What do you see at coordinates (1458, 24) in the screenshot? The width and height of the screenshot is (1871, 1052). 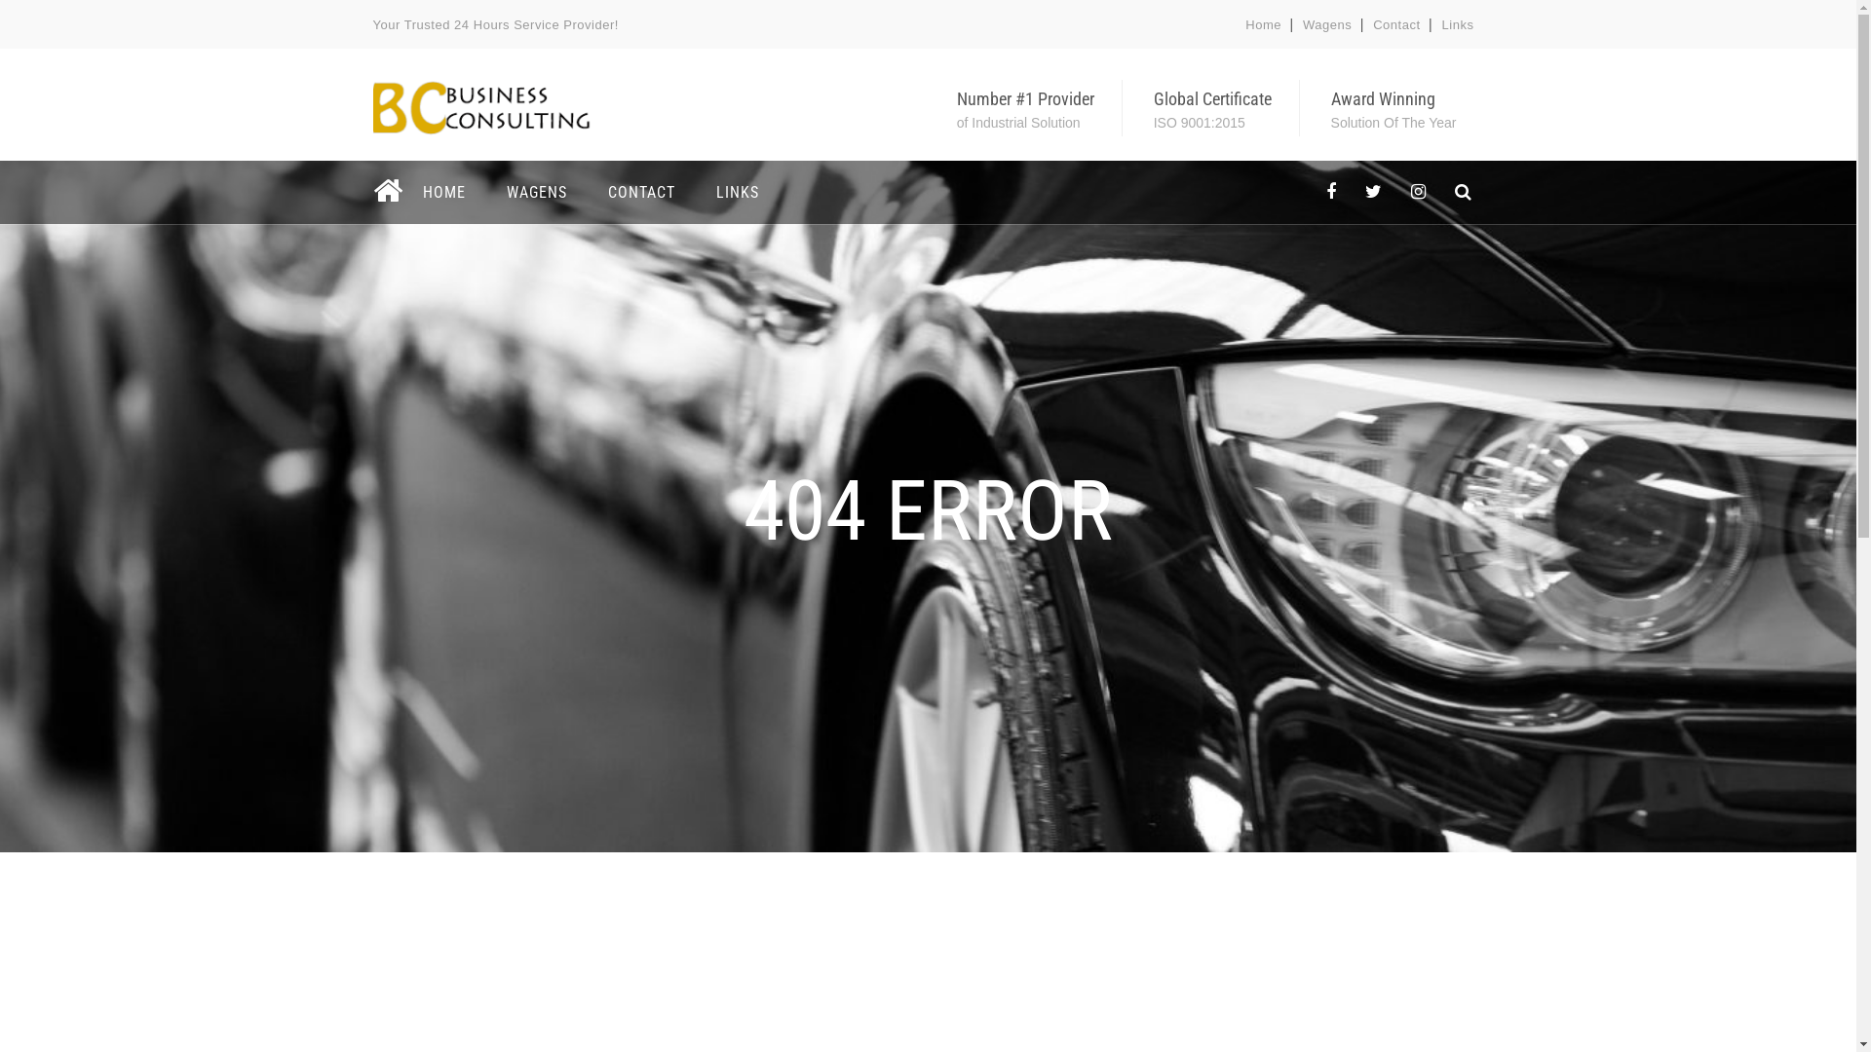 I see `'Links'` at bounding box center [1458, 24].